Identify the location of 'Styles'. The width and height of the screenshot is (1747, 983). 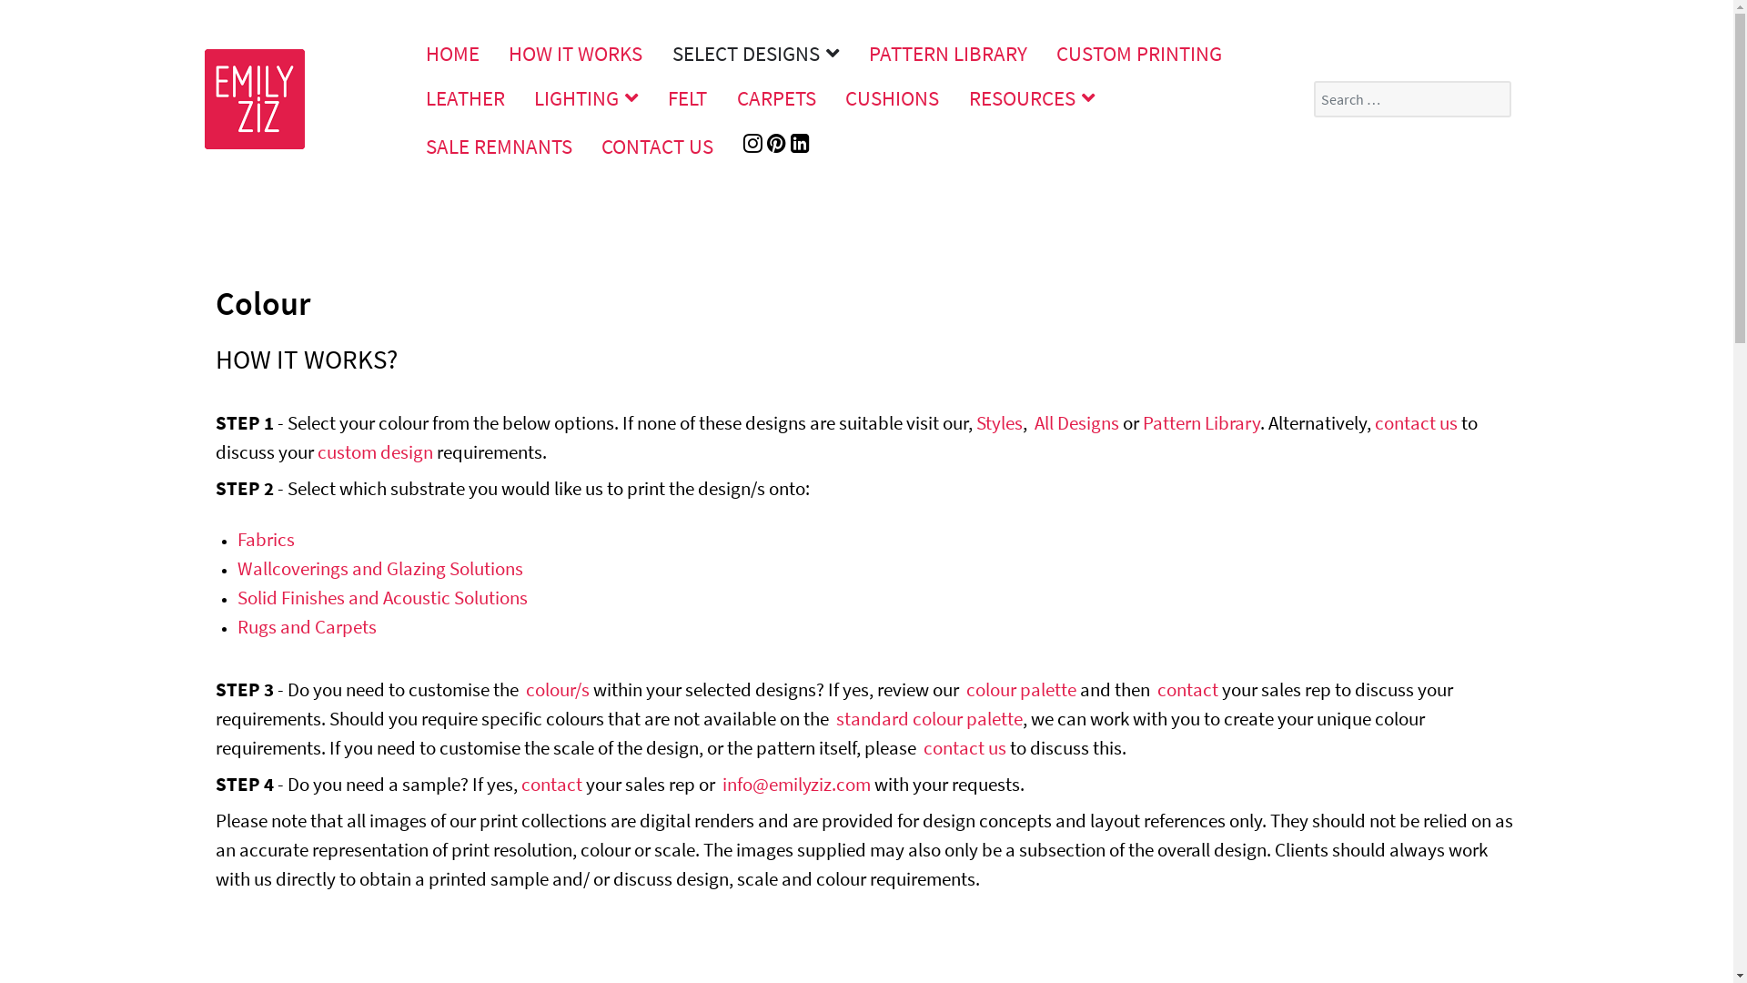
(997, 422).